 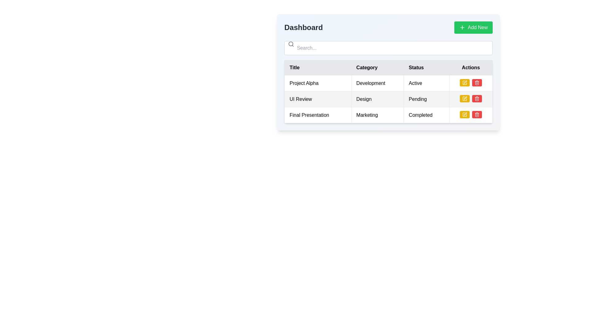 What do you see at coordinates (464, 98) in the screenshot?
I see `the editing action icon located in the 'Actions' column of the 'UI Review' row` at bounding box center [464, 98].